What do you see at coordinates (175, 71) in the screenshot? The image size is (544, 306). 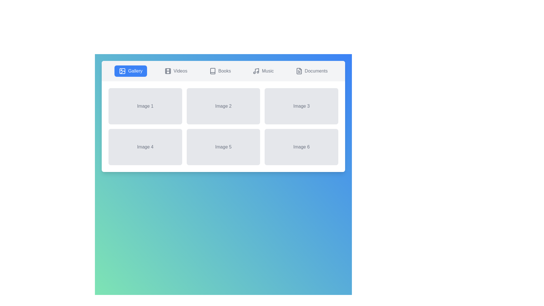 I see `the 'Videos' tab in the horizontal menu bar` at bounding box center [175, 71].